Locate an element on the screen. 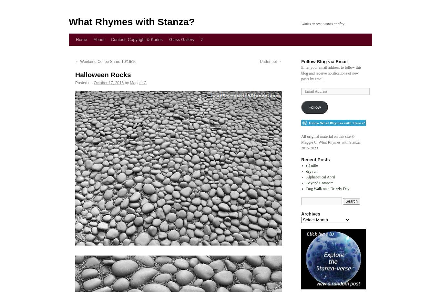 Image resolution: width=441 pixels, height=292 pixels. 'Alphabetical April' is located at coordinates (320, 176).